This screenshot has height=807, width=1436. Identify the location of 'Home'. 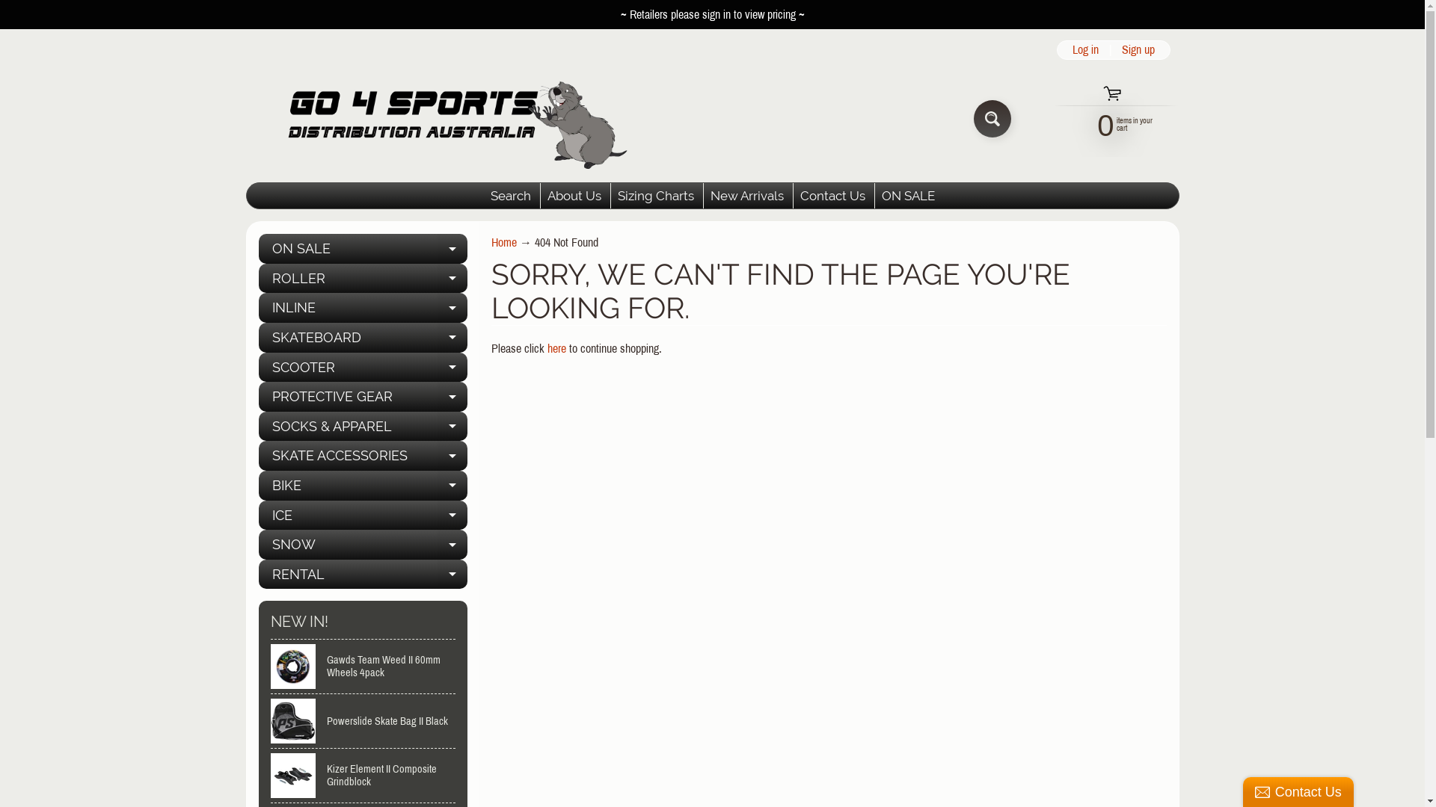
(503, 241).